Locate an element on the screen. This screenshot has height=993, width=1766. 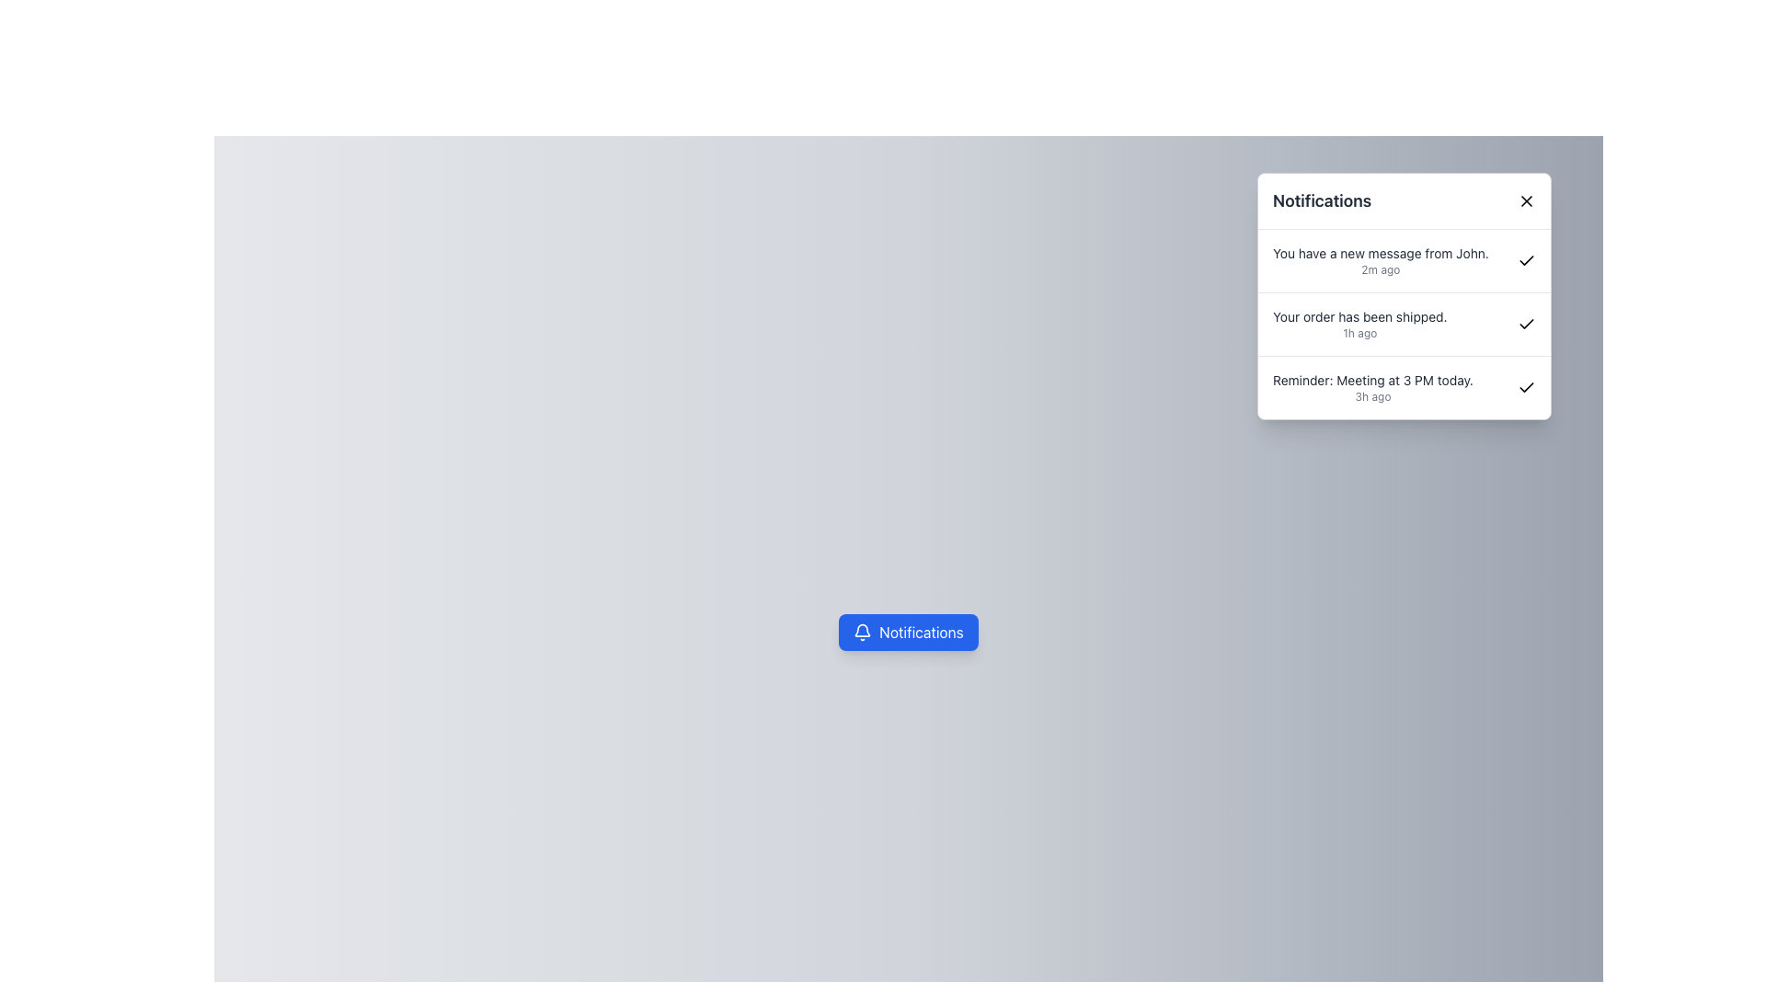
the second notification in the drop-down panel that indicates the order has been shipped, located between the messages from John and the meeting reminder is located at coordinates (1359, 324).